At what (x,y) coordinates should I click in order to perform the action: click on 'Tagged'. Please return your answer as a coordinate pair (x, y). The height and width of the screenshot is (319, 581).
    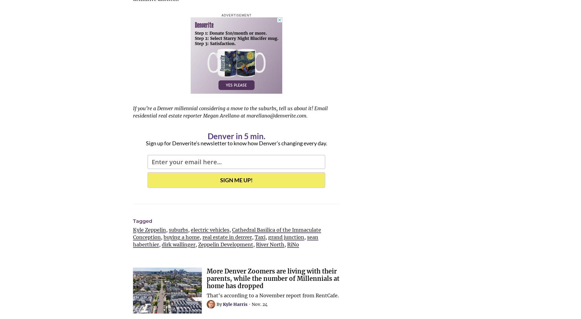
    Looking at the image, I should click on (132, 221).